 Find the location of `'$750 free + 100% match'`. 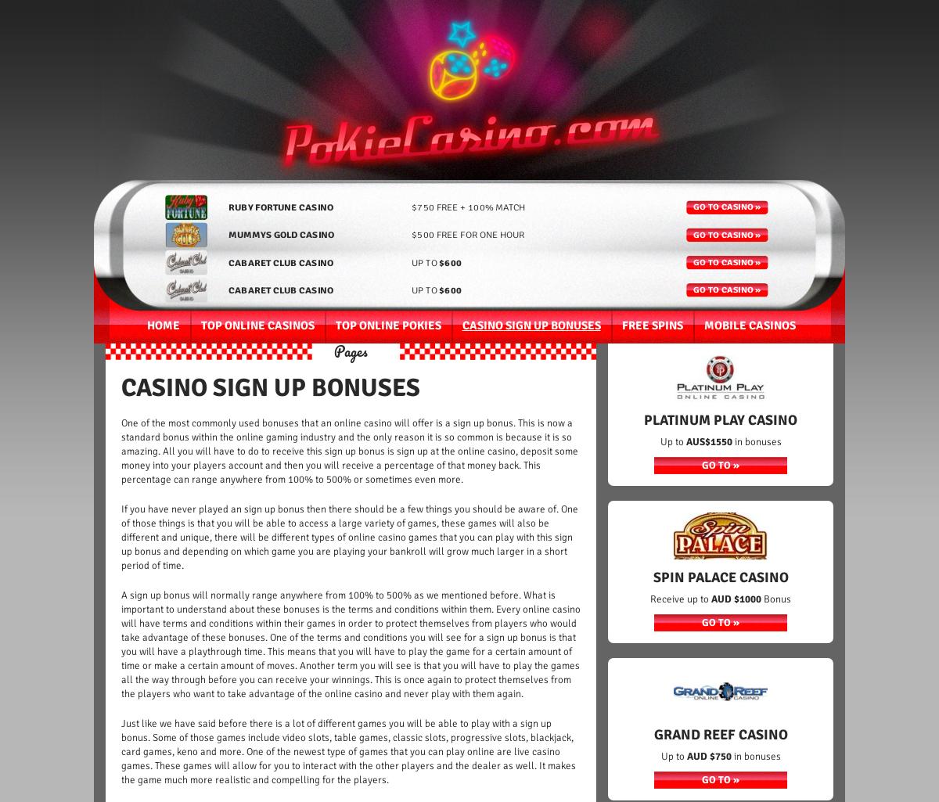

'$750 free + 100% match' is located at coordinates (467, 206).